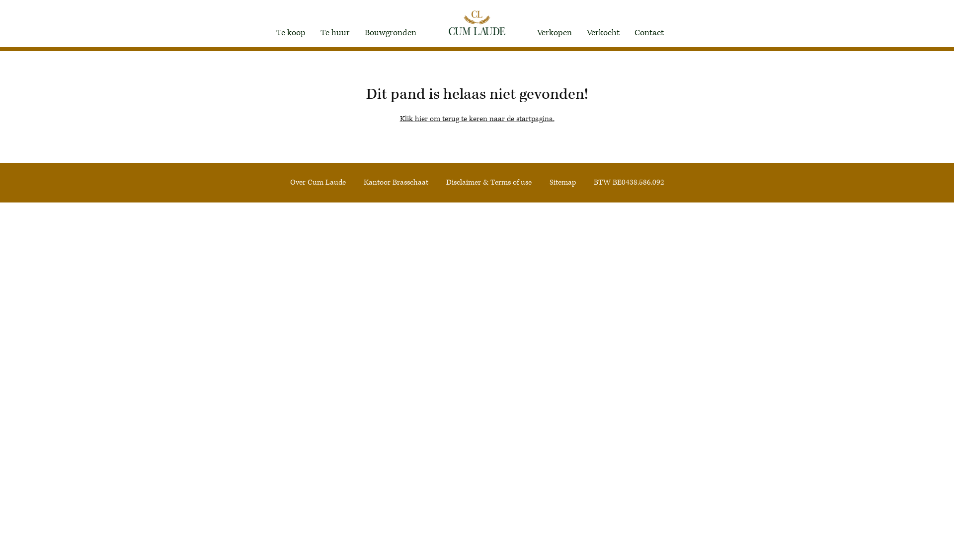 This screenshot has width=954, height=536. What do you see at coordinates (649, 32) in the screenshot?
I see `'Contact'` at bounding box center [649, 32].